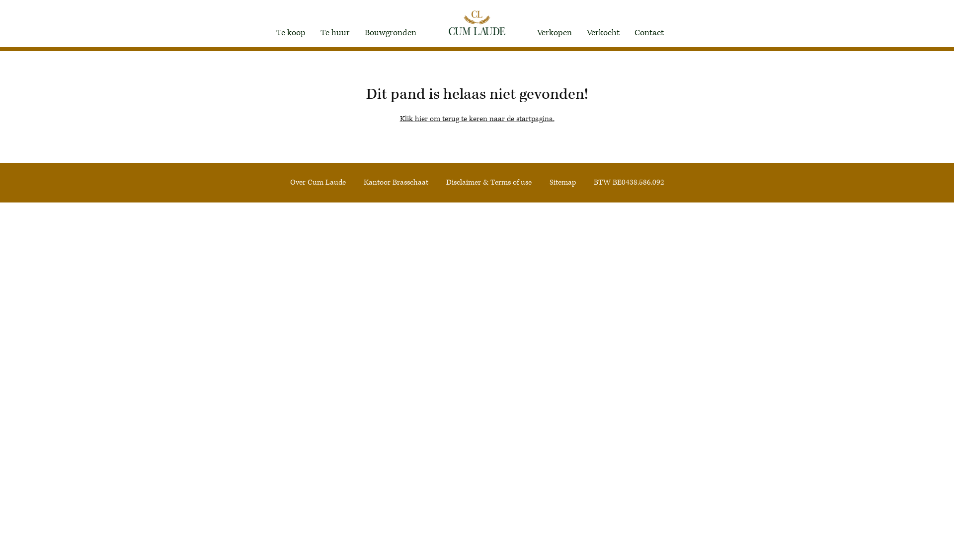 This screenshot has width=954, height=536. What do you see at coordinates (649, 32) in the screenshot?
I see `'Contact'` at bounding box center [649, 32].